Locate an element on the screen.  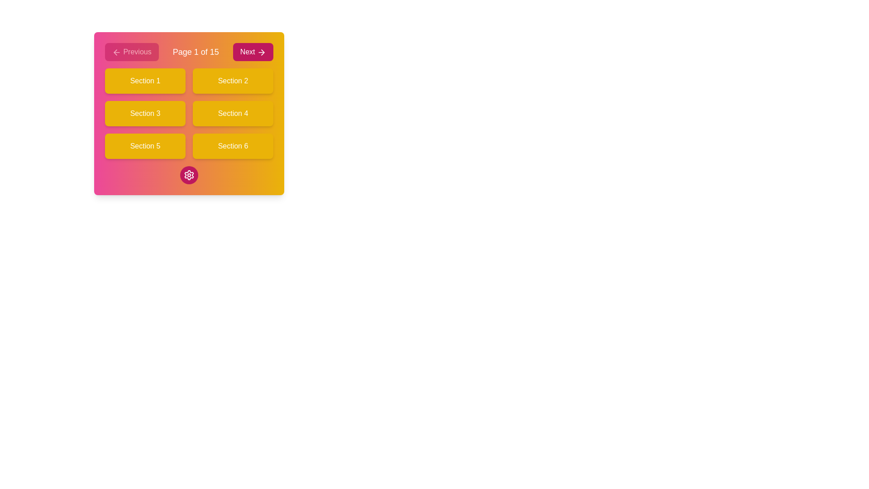
the 'Next' button located in the upper-right corner of the pagination controls is located at coordinates (253, 52).